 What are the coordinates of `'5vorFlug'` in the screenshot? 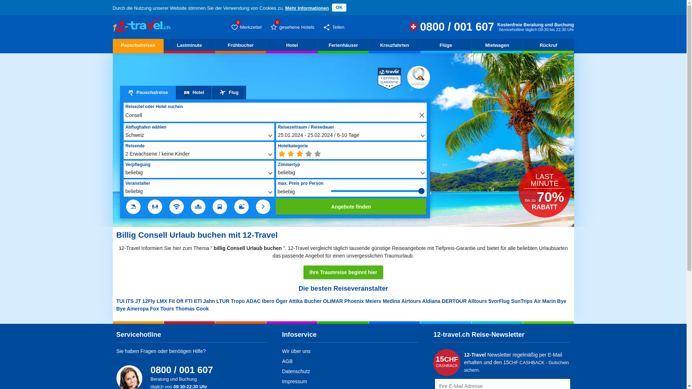 It's located at (498, 301).